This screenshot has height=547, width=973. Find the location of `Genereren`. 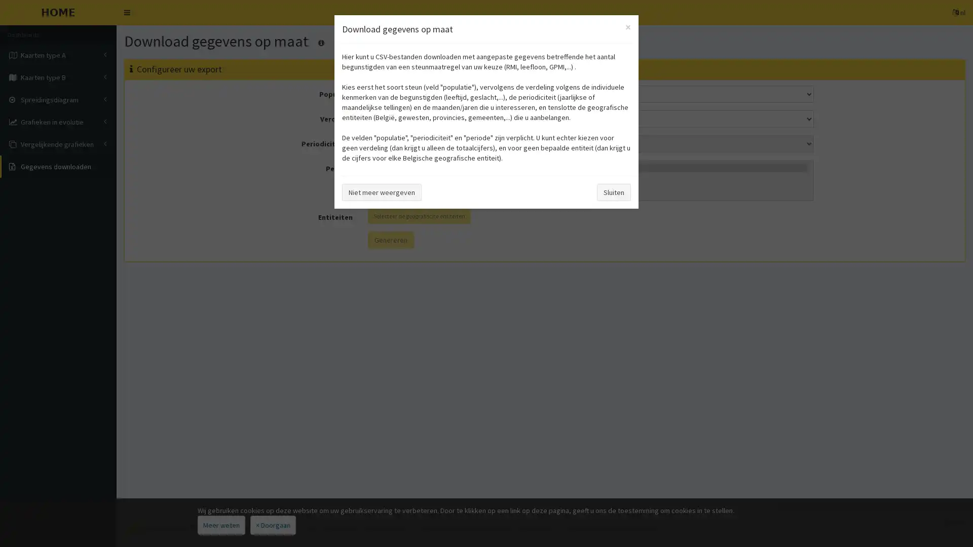

Genereren is located at coordinates (390, 240).